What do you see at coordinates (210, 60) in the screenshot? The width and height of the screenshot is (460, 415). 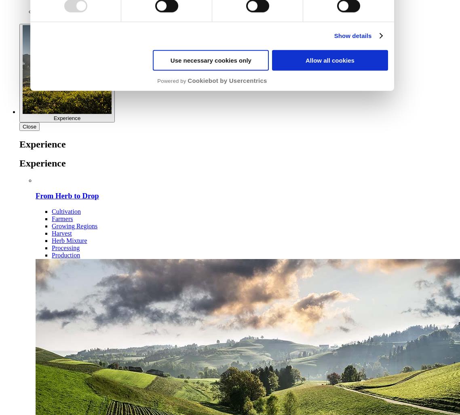 I see `'Use necessary cookies only'` at bounding box center [210, 60].